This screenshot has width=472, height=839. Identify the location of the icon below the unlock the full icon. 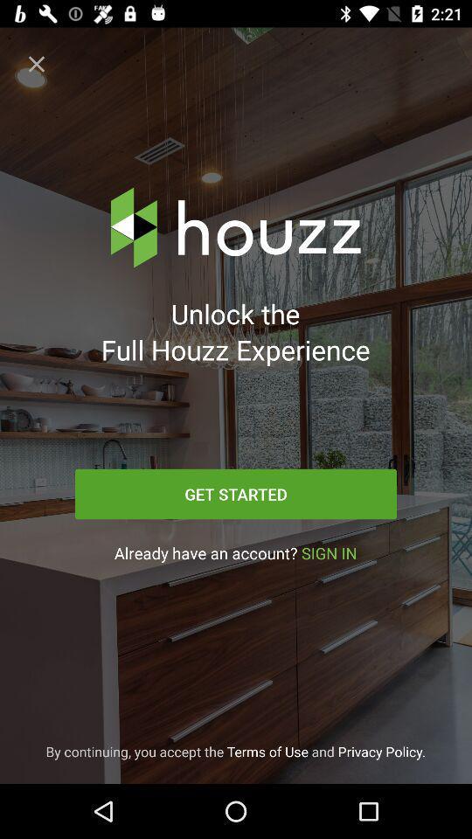
(236, 494).